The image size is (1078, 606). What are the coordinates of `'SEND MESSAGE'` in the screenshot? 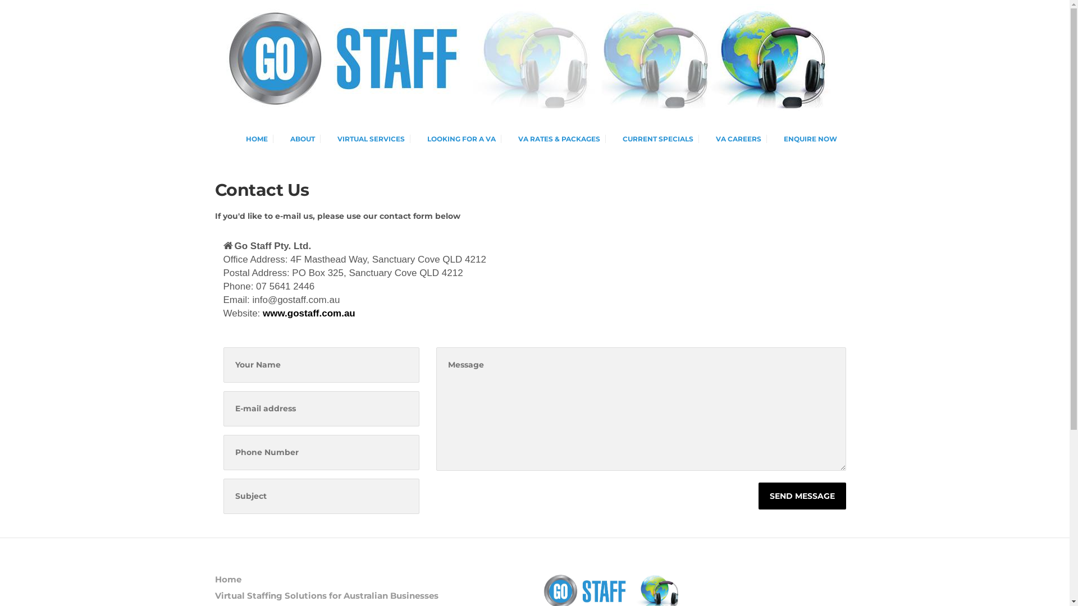 It's located at (802, 495).